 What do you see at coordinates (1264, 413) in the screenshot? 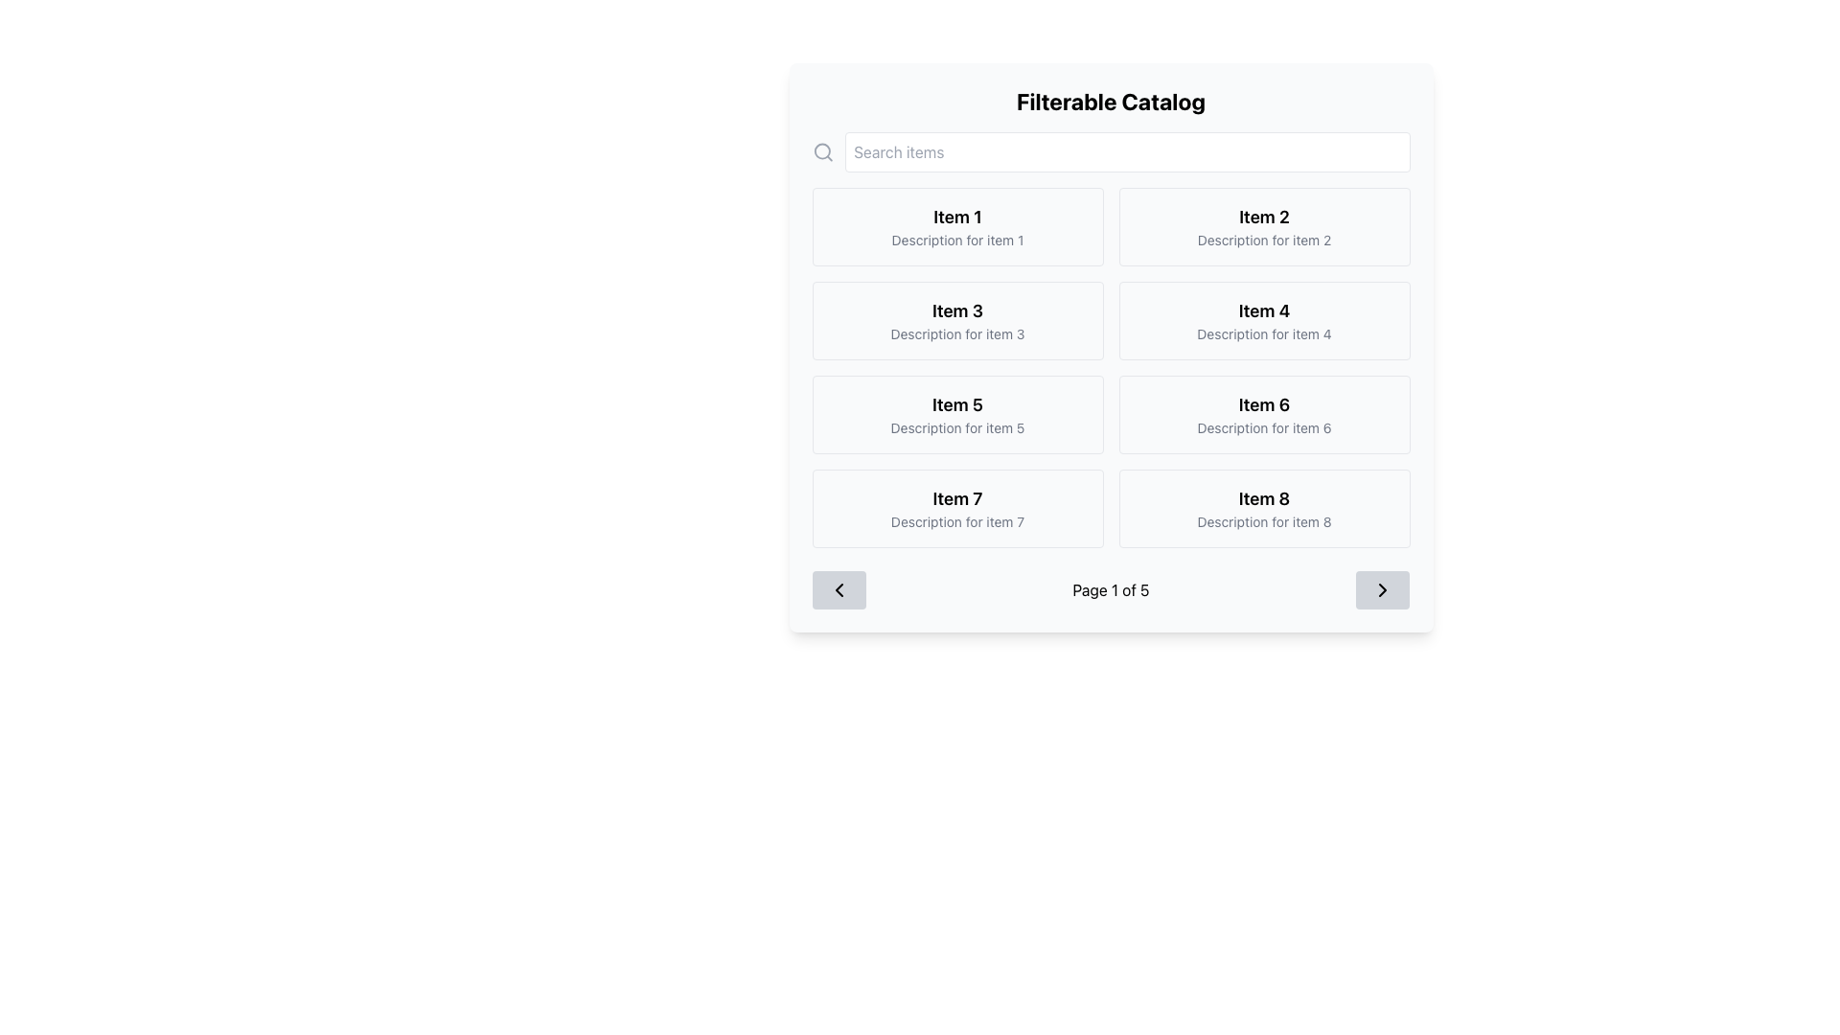
I see `the card displaying 'Item 6' with a white background and rounded corners, which contains the text 'Item 6' in bold and 'Description for item 6' in a smaller font` at bounding box center [1264, 413].